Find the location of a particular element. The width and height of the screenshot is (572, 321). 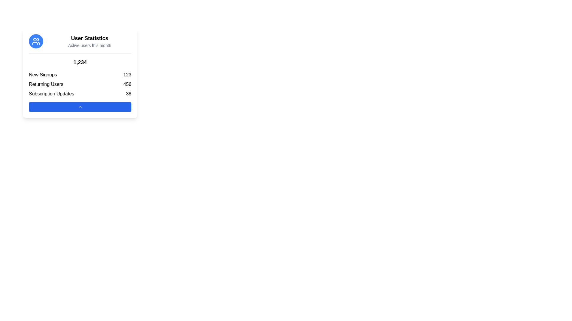

the smaller circular user icon located on the left side of the larger main user icon within the 'Users' icon in the top-left of the 'User Statistics' card is located at coordinates (35, 40).